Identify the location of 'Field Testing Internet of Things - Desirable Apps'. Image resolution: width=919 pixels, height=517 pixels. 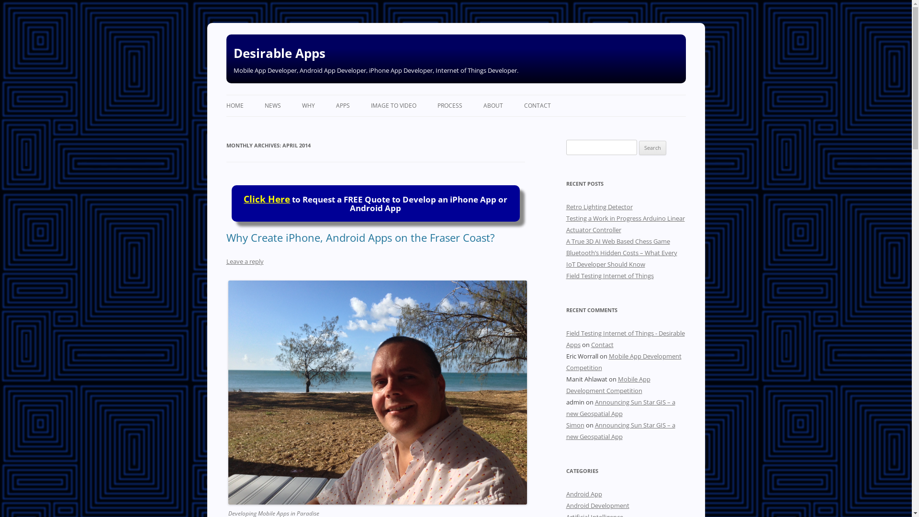
(625, 338).